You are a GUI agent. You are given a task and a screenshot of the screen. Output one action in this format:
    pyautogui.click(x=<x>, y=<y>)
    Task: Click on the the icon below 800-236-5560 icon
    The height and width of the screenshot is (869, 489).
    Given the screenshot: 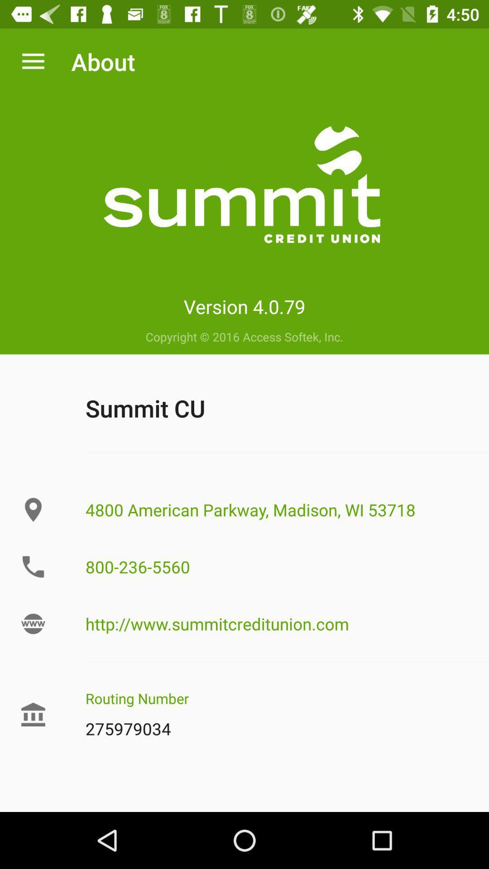 What is the action you would take?
    pyautogui.click(x=287, y=623)
    